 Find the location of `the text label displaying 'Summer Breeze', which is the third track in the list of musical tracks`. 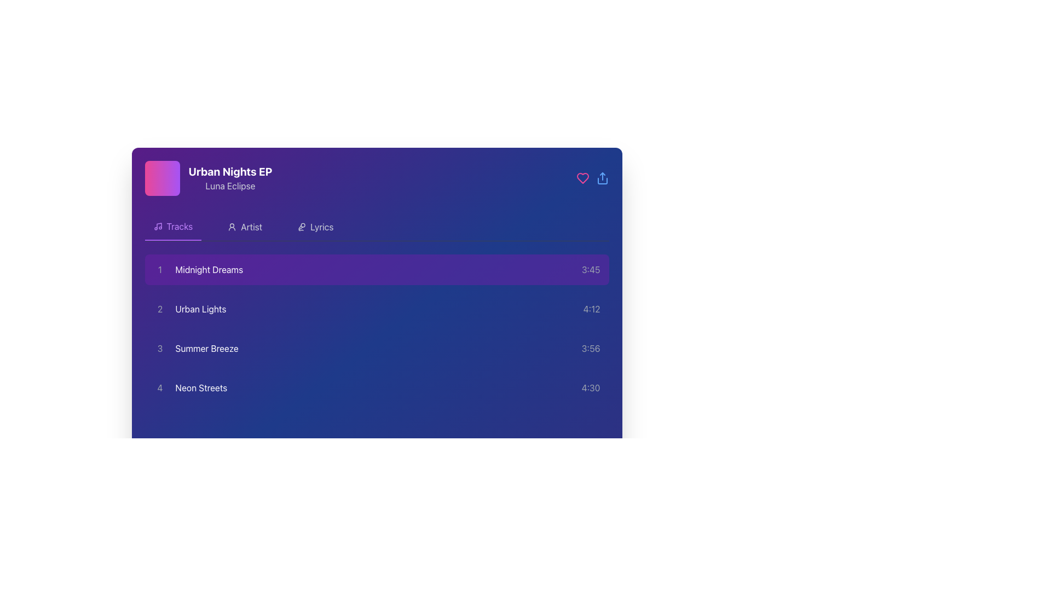

the text label displaying 'Summer Breeze', which is the third track in the list of musical tracks is located at coordinates (207, 348).